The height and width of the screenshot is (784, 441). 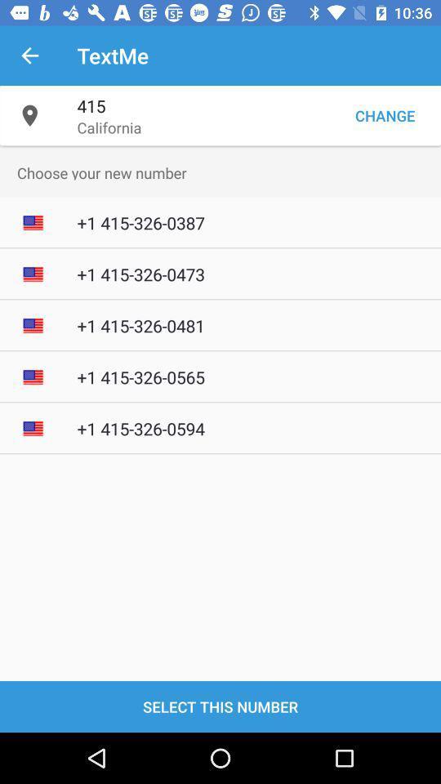 What do you see at coordinates (29, 56) in the screenshot?
I see `the item next to textme item` at bounding box center [29, 56].